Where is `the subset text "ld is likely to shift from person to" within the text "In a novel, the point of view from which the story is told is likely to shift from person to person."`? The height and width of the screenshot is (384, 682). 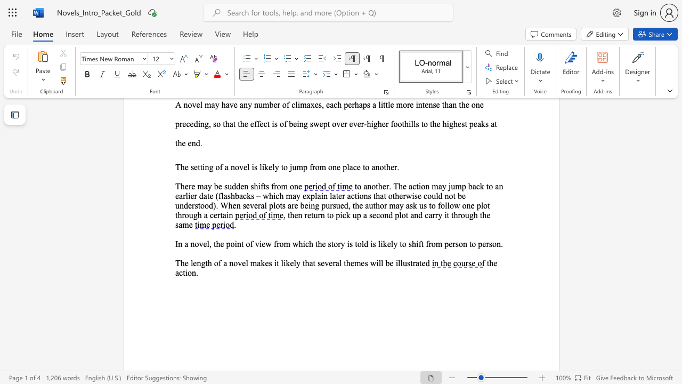
the subset text "ld is likely to shift from person to" within the text "In a novel, the point of view from which the story is told is likely to shift from person to person." is located at coordinates (361, 244).